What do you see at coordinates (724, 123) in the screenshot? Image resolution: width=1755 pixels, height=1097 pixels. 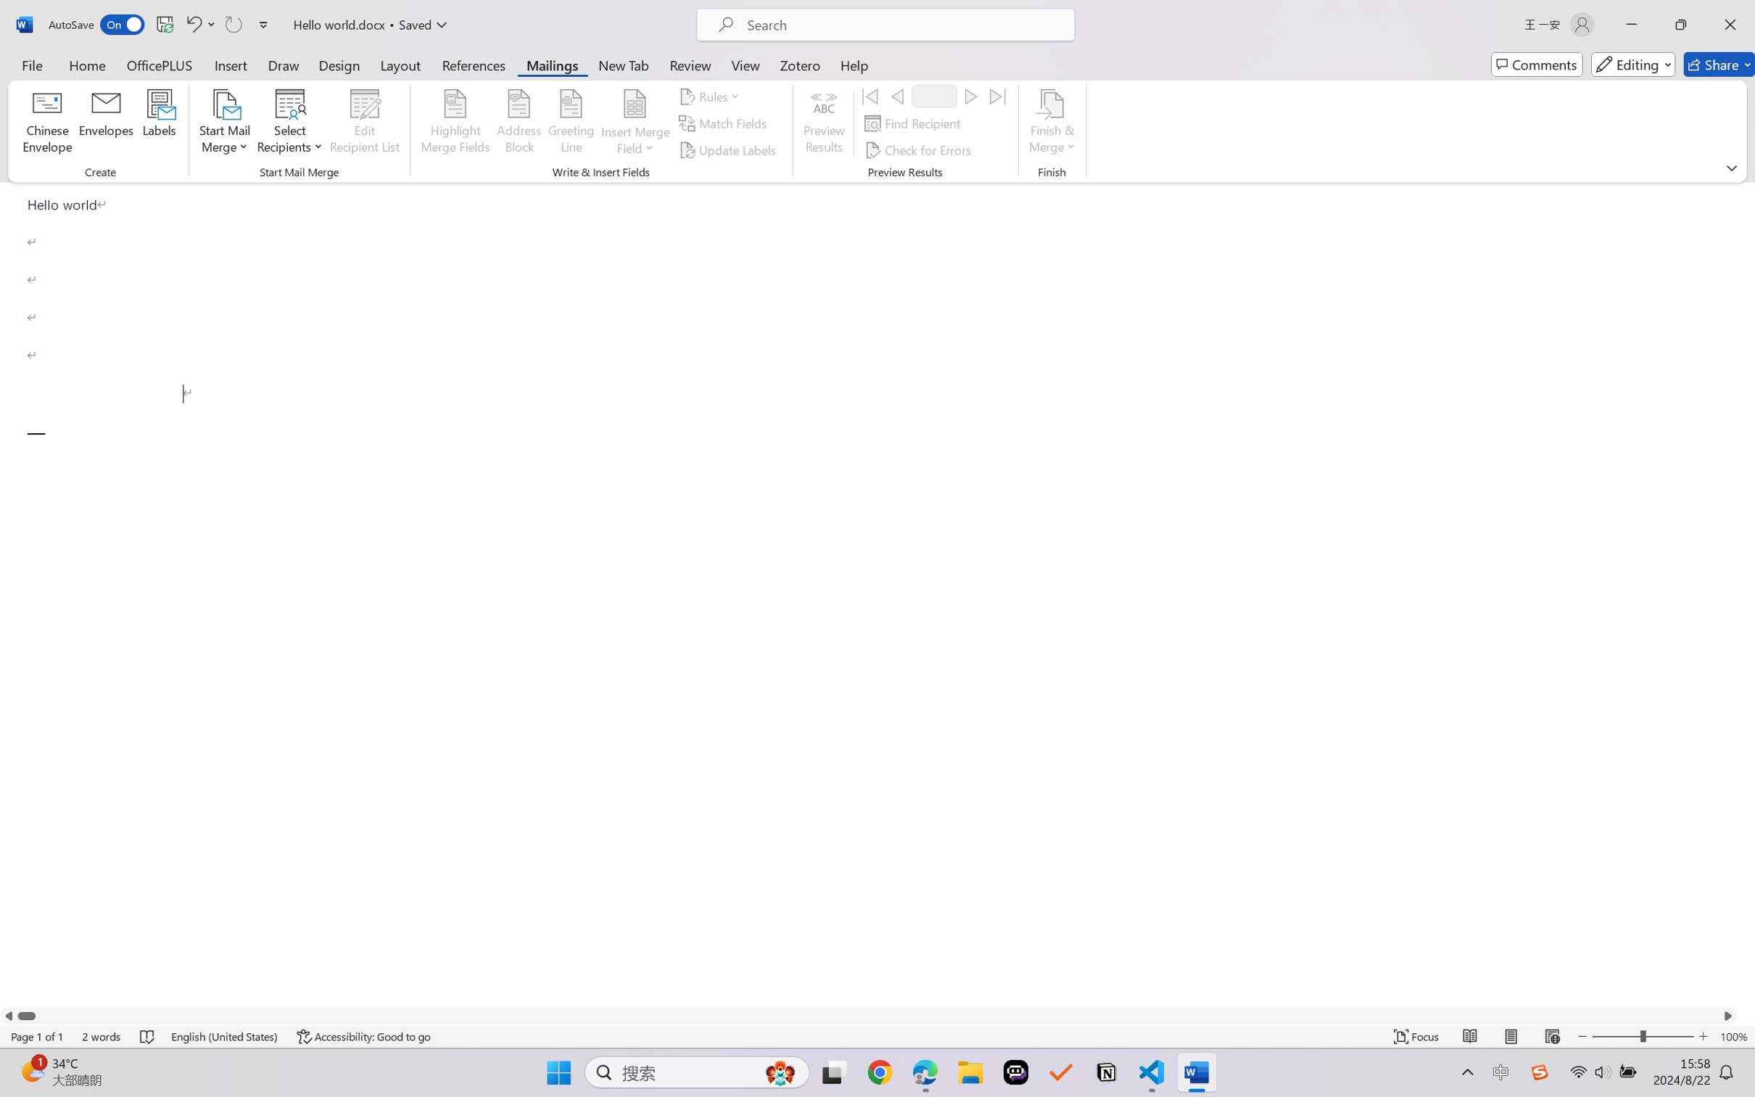 I see `'Match Fields...'` at bounding box center [724, 123].